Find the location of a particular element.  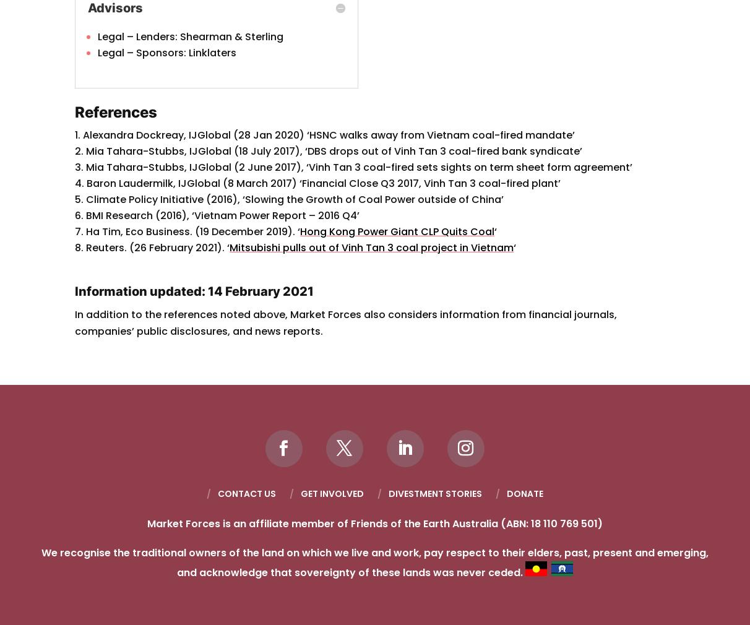

'We recognise the traditional owners of the land on which we live and work, pay respect to their elders, past, present and emerging, and acknowledge that sovereignty of these lands was never ceded.' is located at coordinates (374, 562).